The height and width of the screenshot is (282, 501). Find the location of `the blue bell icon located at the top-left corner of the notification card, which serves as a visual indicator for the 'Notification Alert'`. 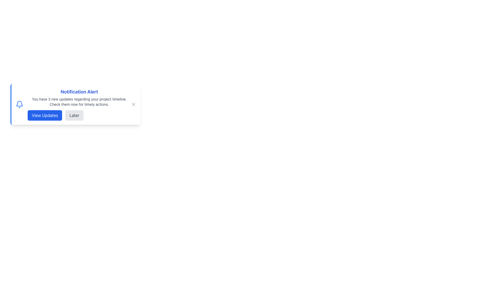

the blue bell icon located at the top-left corner of the notification card, which serves as a visual indicator for the 'Notification Alert' is located at coordinates (20, 104).